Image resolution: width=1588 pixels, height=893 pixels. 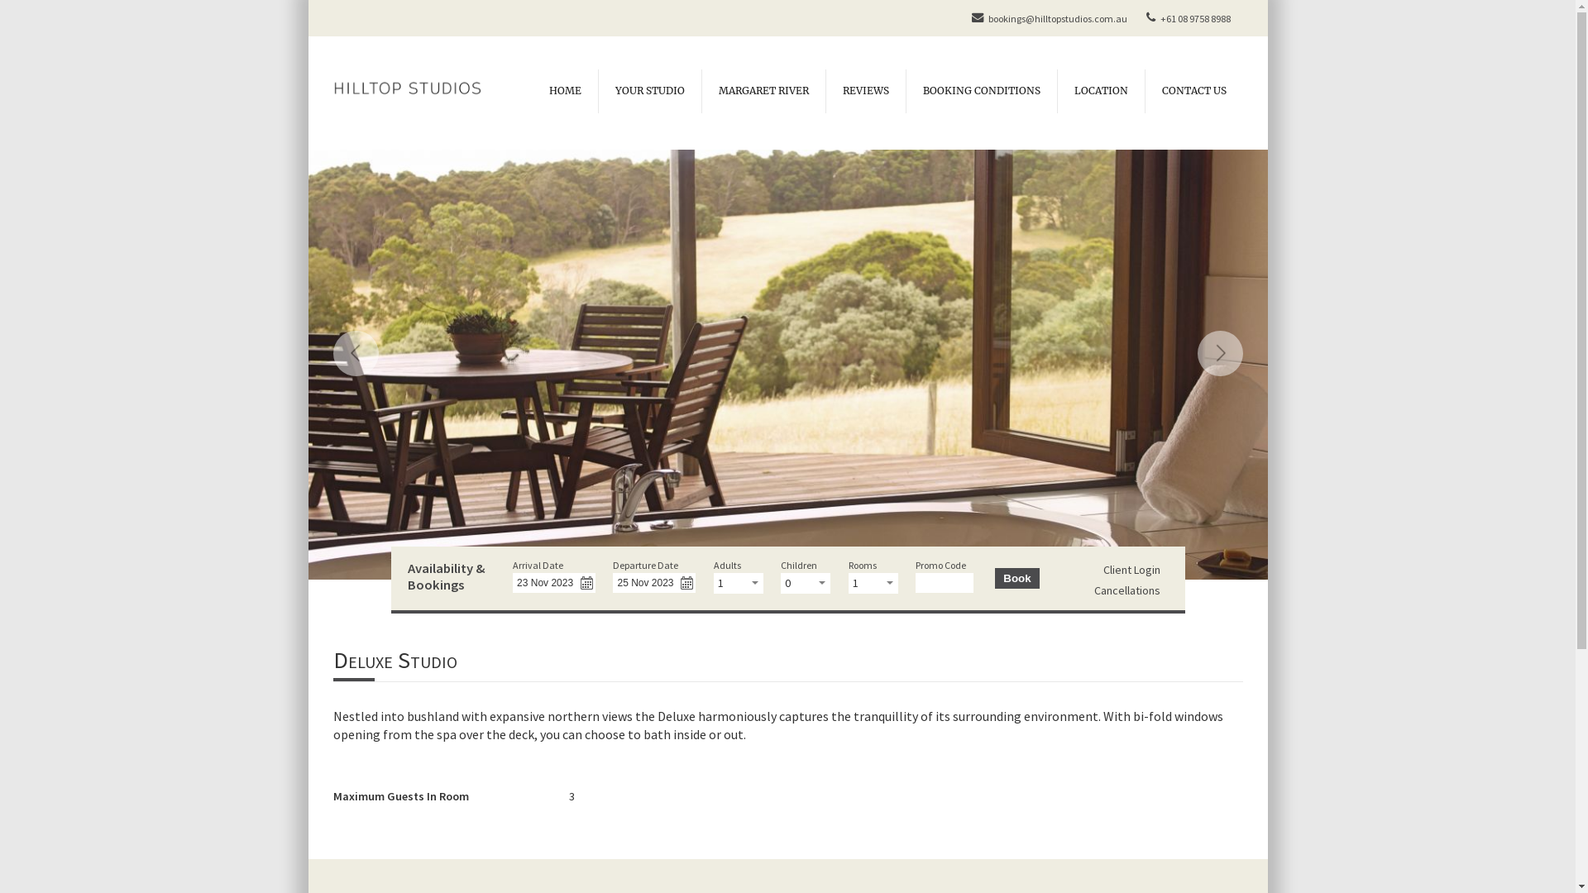 What do you see at coordinates (1046, 18) in the screenshot?
I see `'bookings@hilltopstudios.com.au'` at bounding box center [1046, 18].